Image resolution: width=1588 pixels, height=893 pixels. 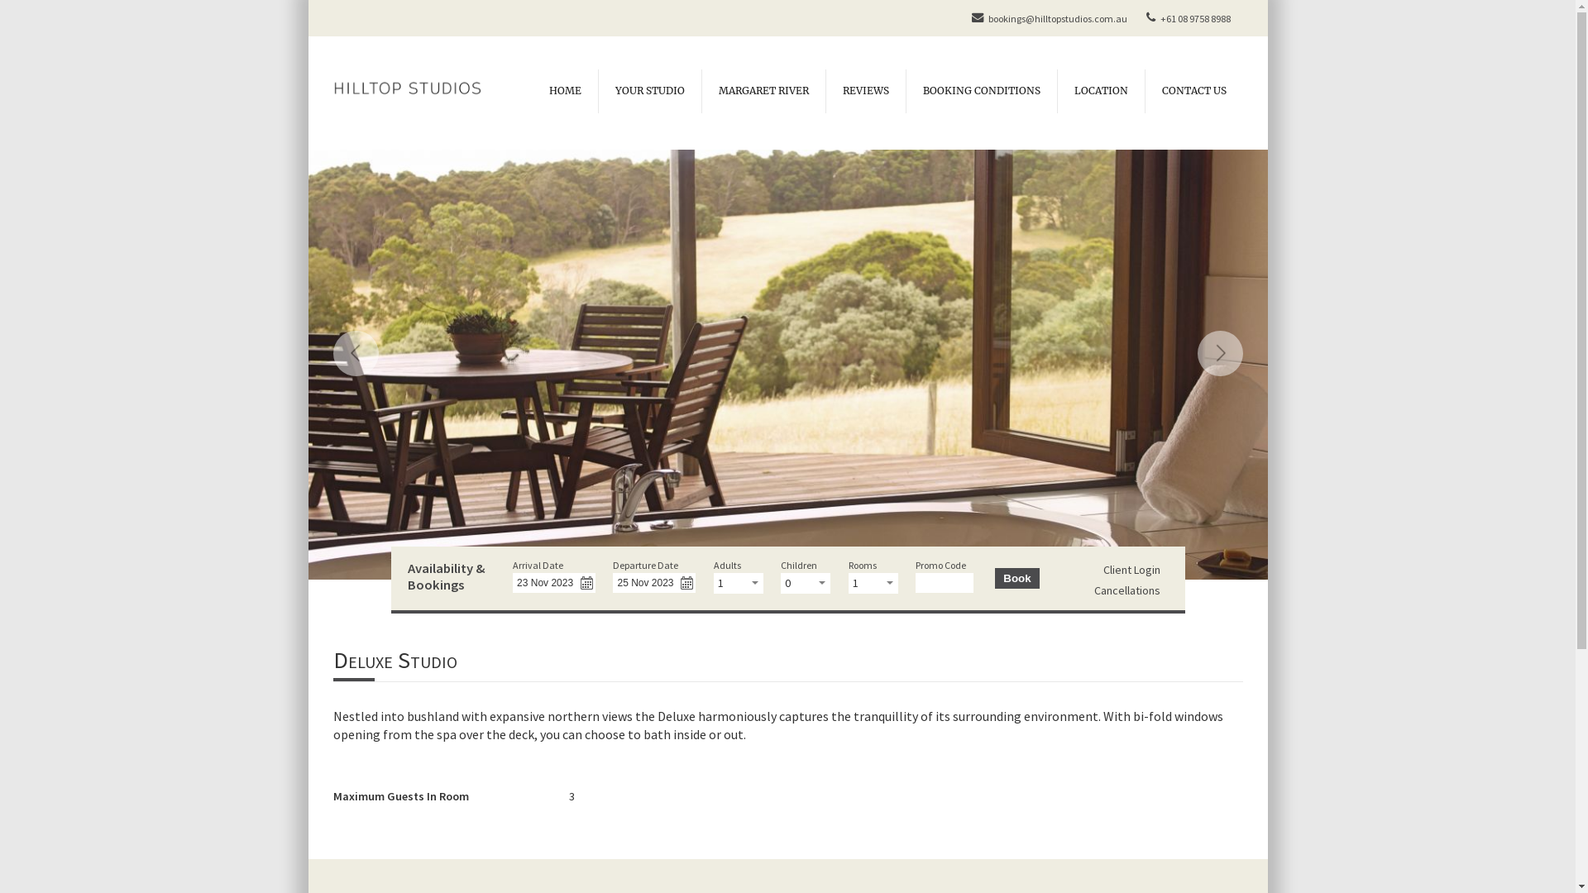 What do you see at coordinates (1046, 18) in the screenshot?
I see `'bookings@hilltopstudios.com.au'` at bounding box center [1046, 18].